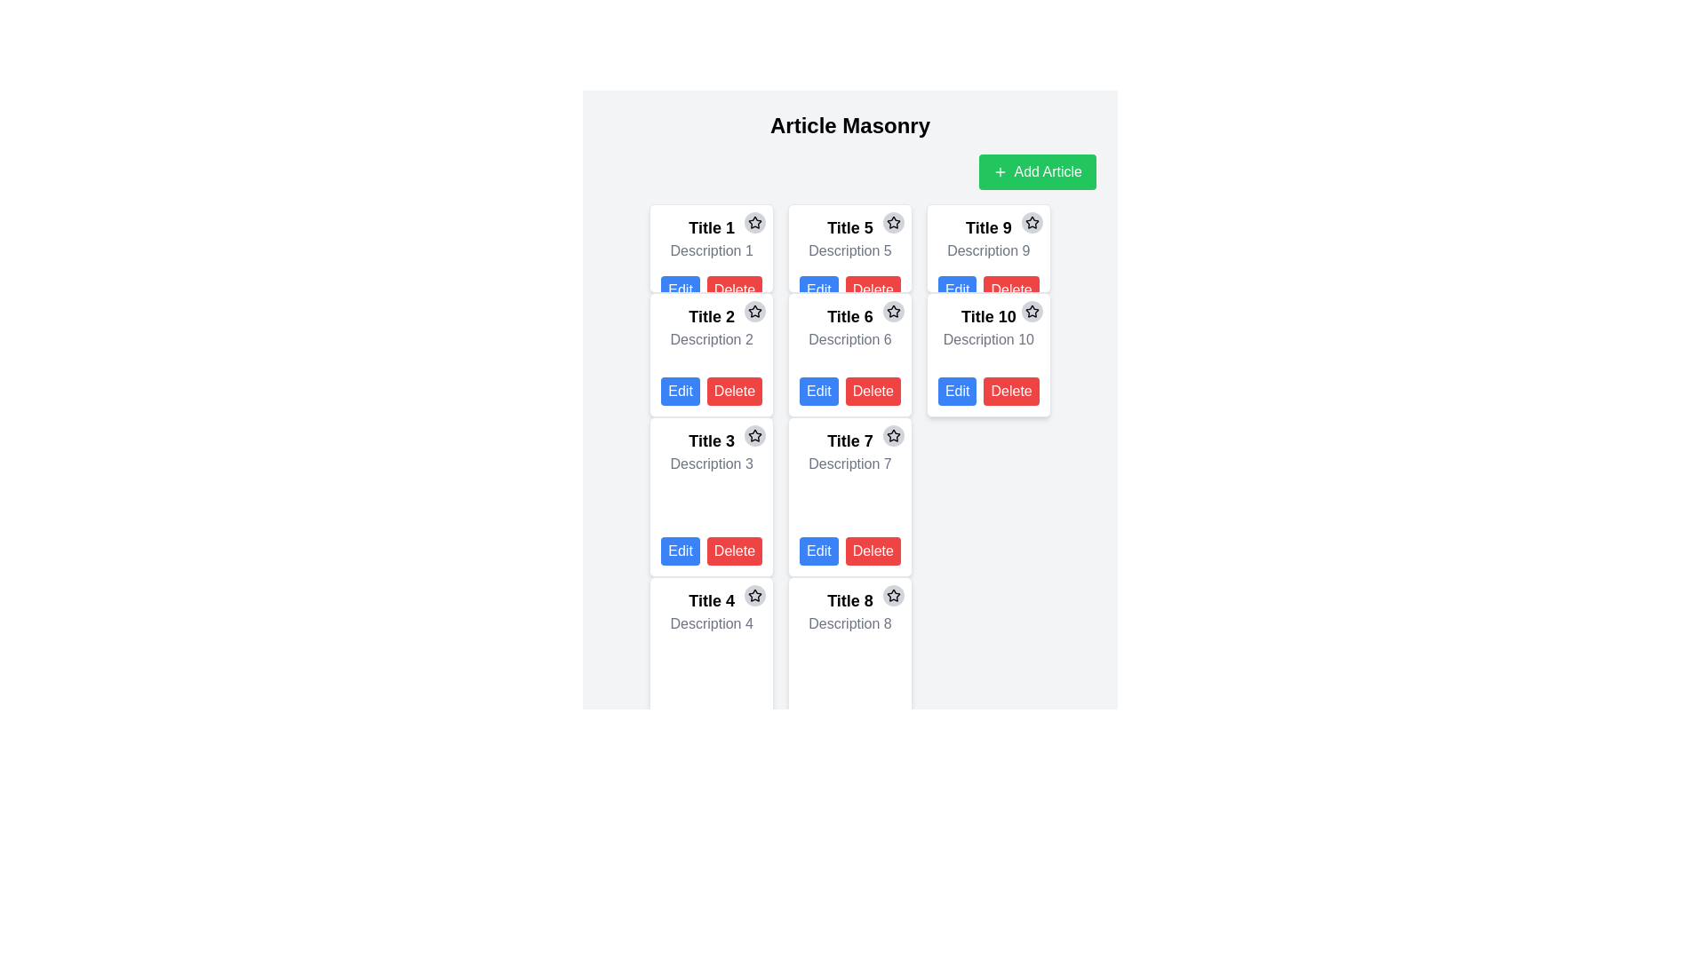 The height and width of the screenshot is (959, 1706). I want to click on the star icon located in the top-right corner of the card titled 'Title 4', which is in the second column at the bottom of the grid of cards, so click(755, 596).